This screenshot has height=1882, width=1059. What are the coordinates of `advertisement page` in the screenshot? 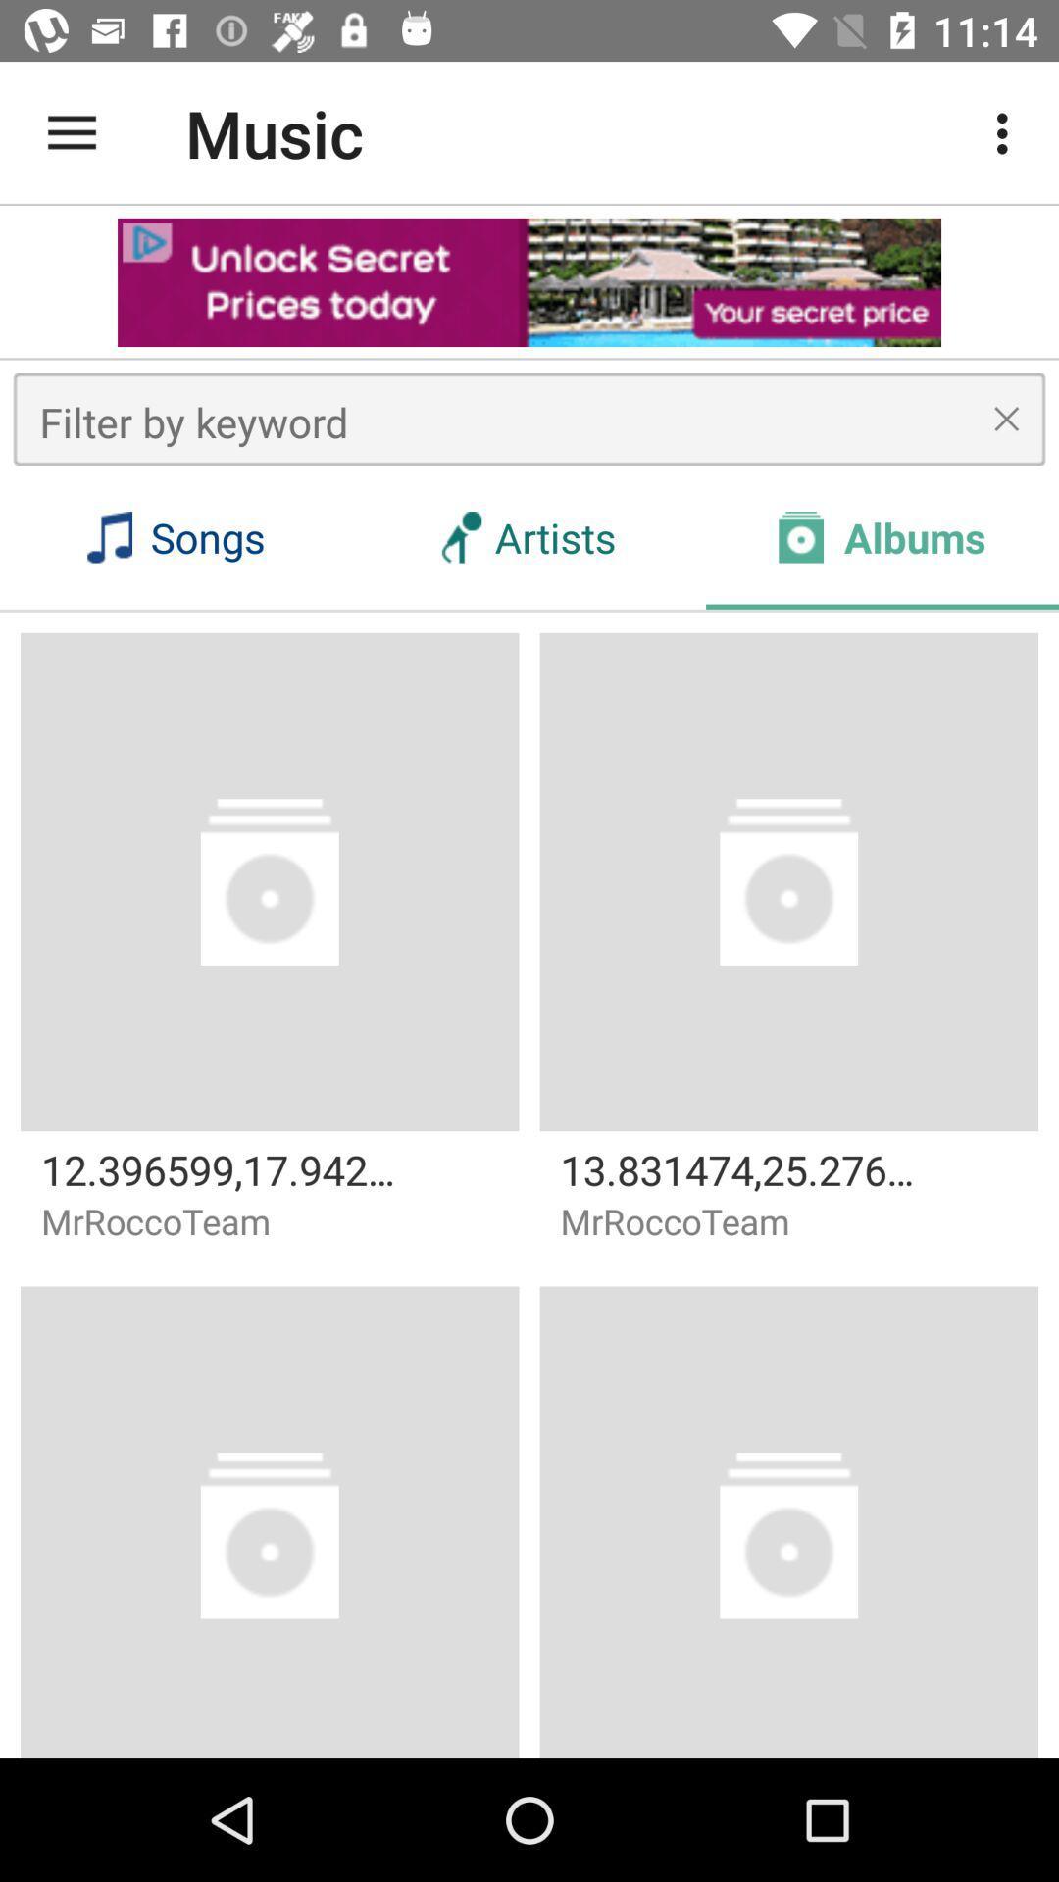 It's located at (529, 281).